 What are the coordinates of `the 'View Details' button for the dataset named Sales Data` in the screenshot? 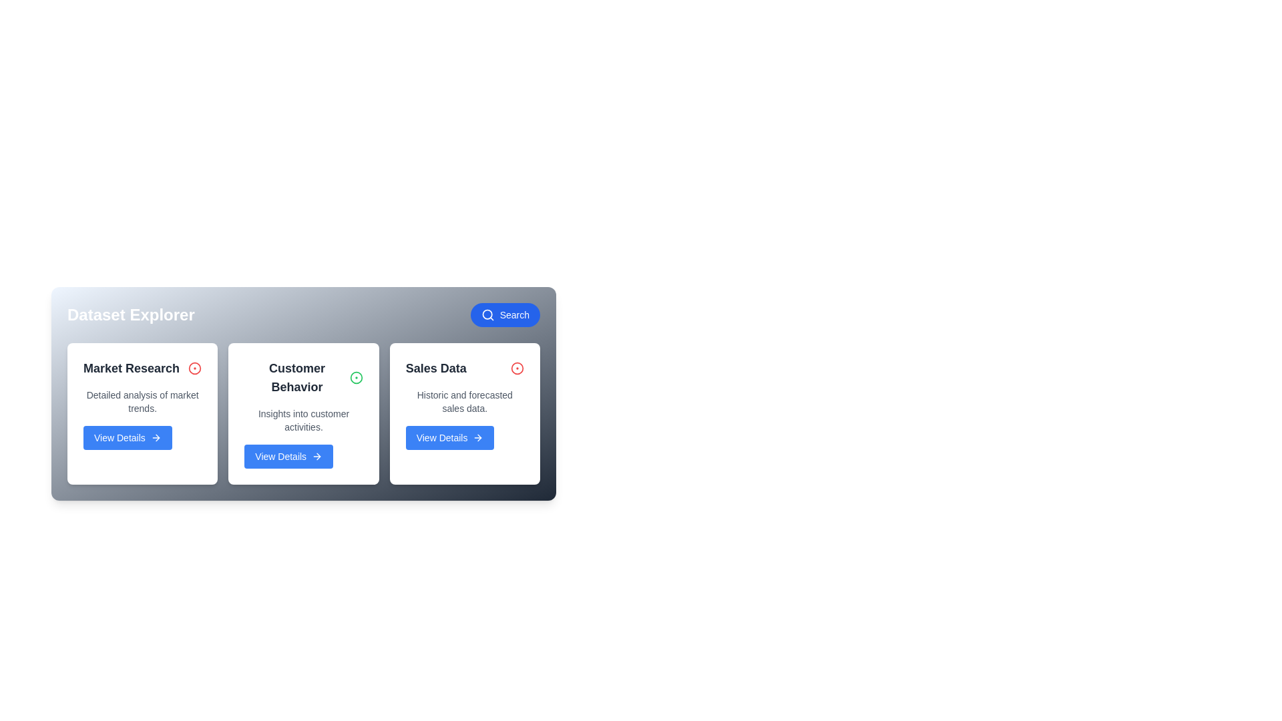 It's located at (449, 437).